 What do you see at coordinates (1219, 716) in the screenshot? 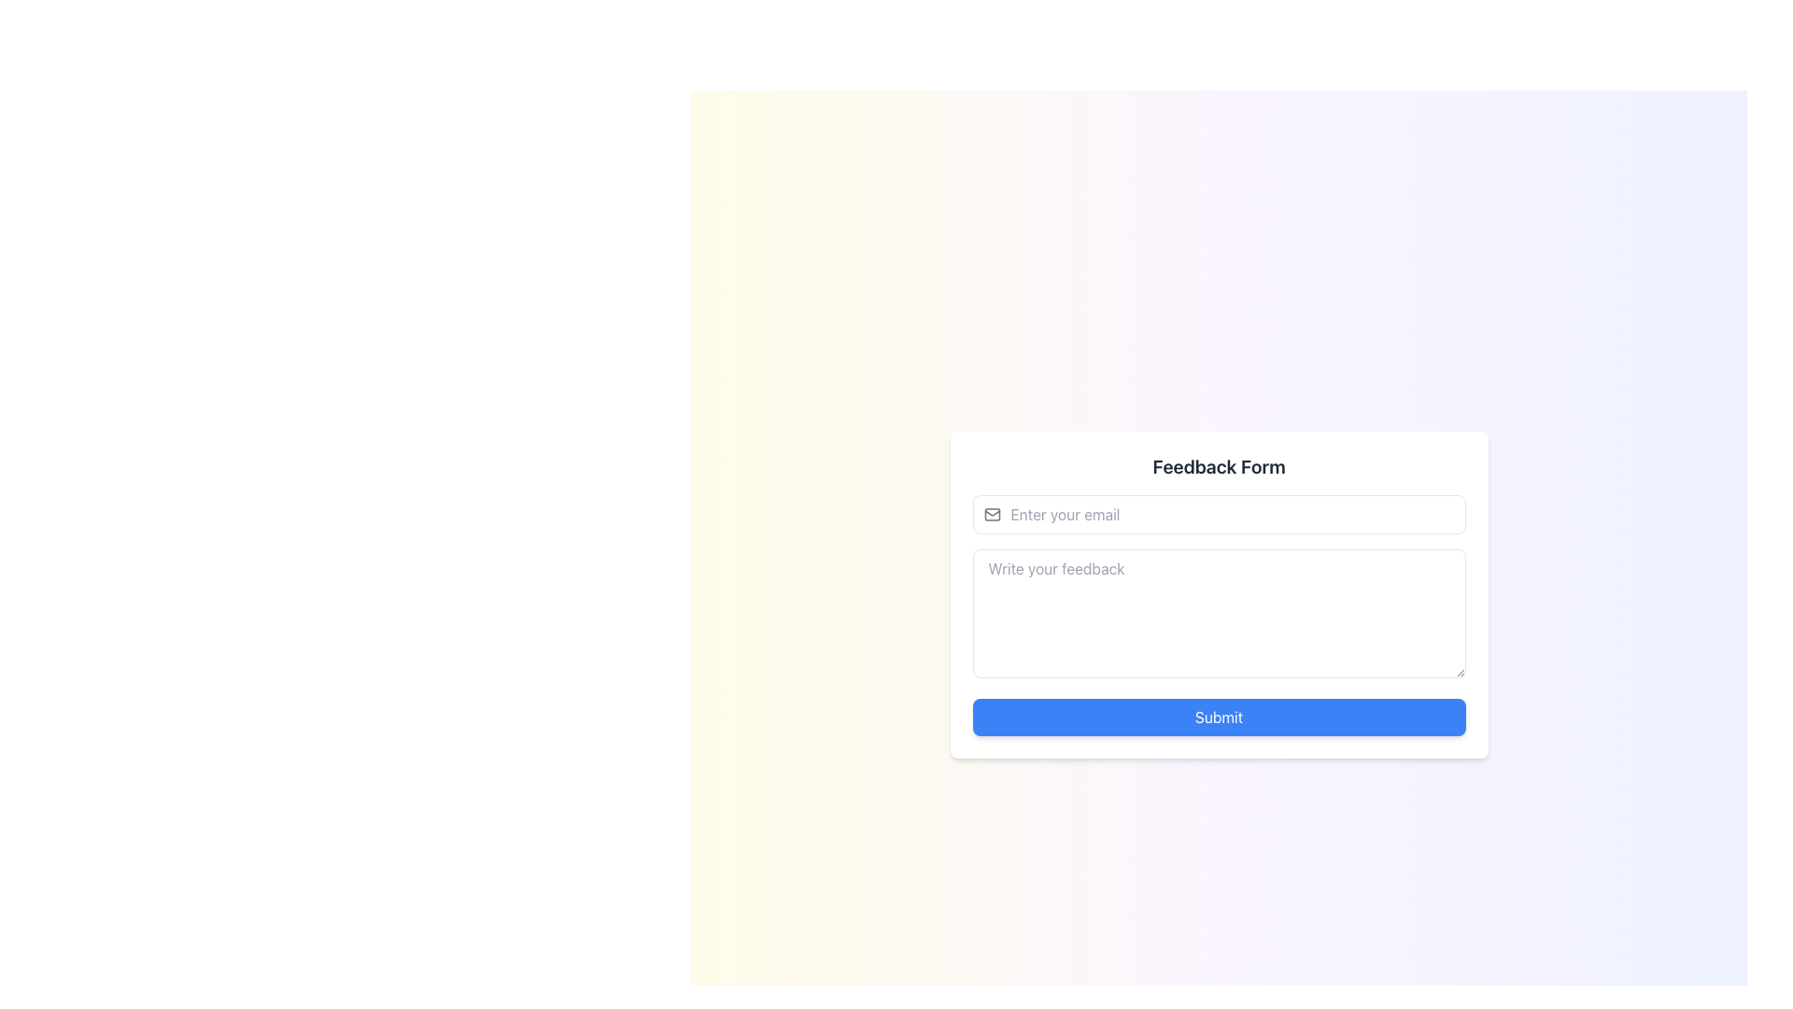
I see `the submit button located at the bottom of the 'Feedback Form' interface for keyboard navigation` at bounding box center [1219, 716].